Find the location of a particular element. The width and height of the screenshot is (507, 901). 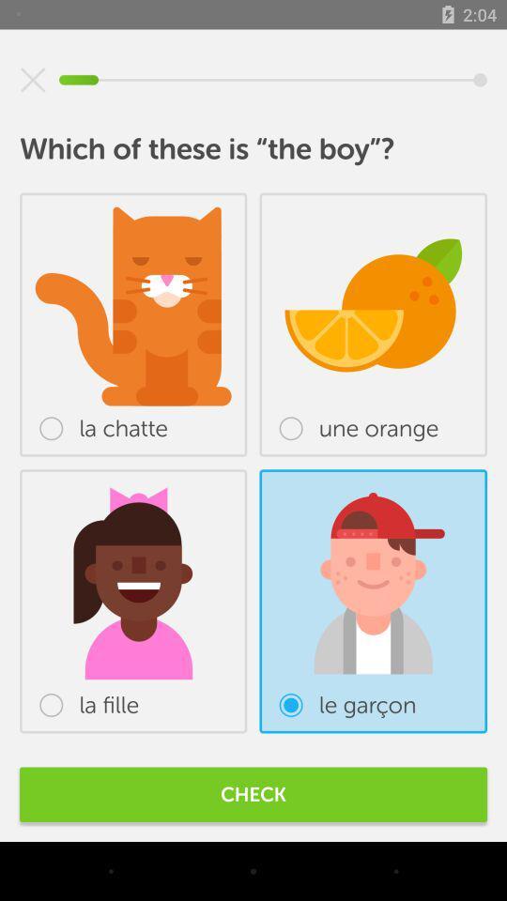

close is located at coordinates (33, 80).